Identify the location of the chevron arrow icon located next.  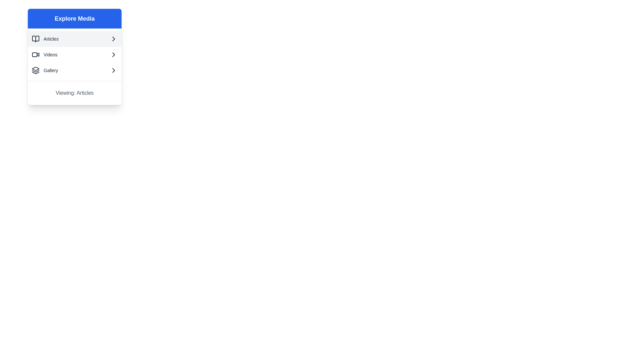
(113, 39).